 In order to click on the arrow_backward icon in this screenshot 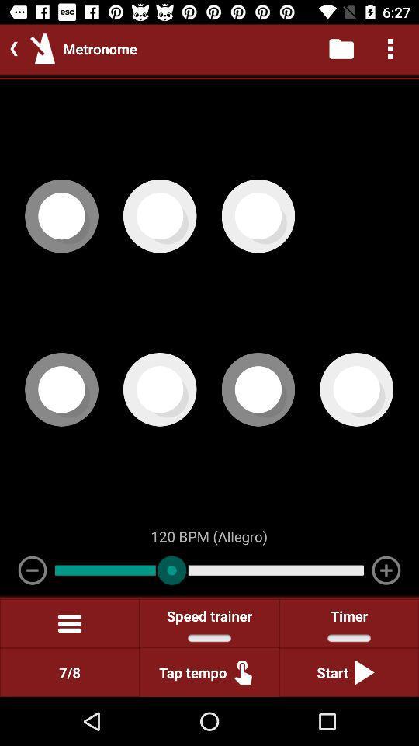, I will do `click(10, 48)`.